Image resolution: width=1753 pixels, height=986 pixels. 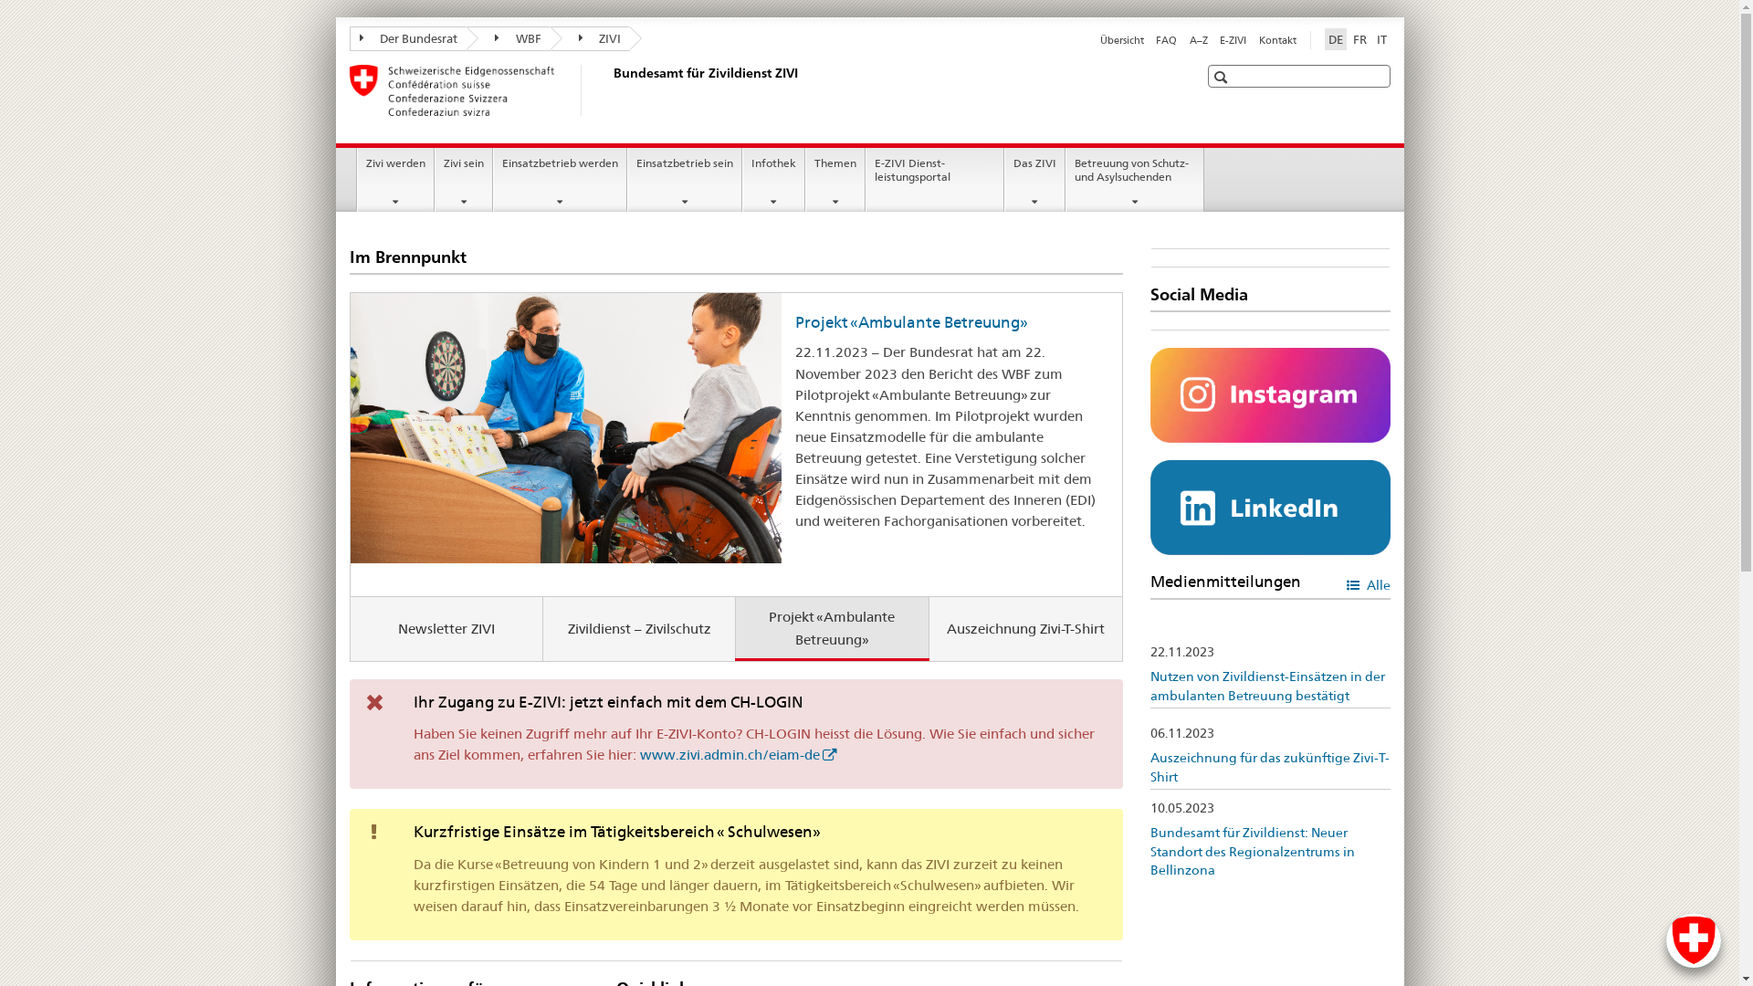 I want to click on 'Einsatzbetrieb sein', so click(x=627, y=179).